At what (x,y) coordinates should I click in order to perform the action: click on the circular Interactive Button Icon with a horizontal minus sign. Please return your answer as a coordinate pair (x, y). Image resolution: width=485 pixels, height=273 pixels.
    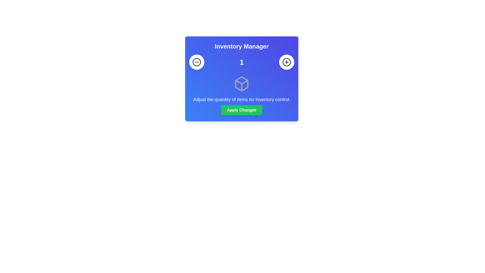
    Looking at the image, I should click on (196, 62).